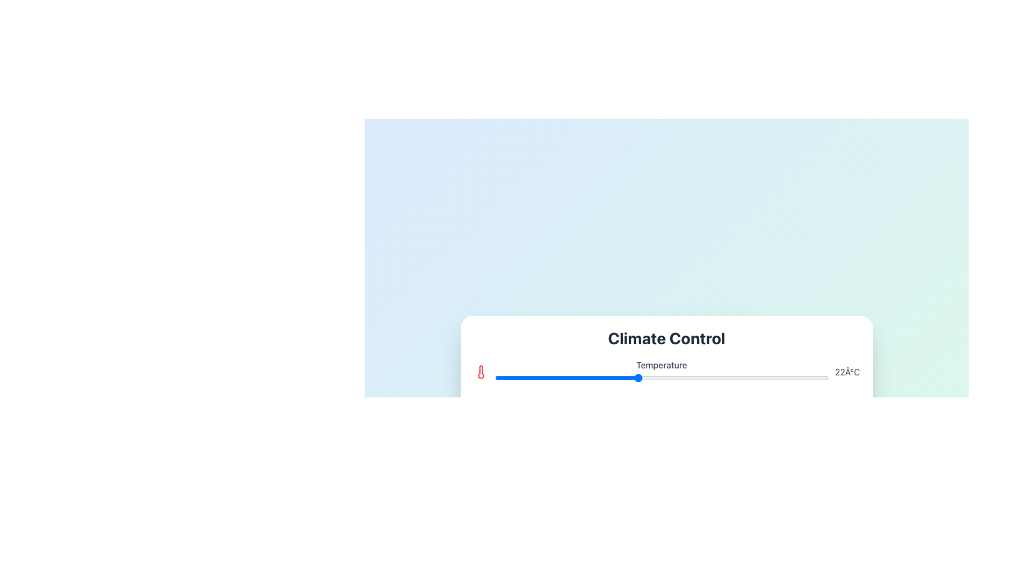 The width and height of the screenshot is (1031, 580). I want to click on the temperature slider, so click(781, 378).